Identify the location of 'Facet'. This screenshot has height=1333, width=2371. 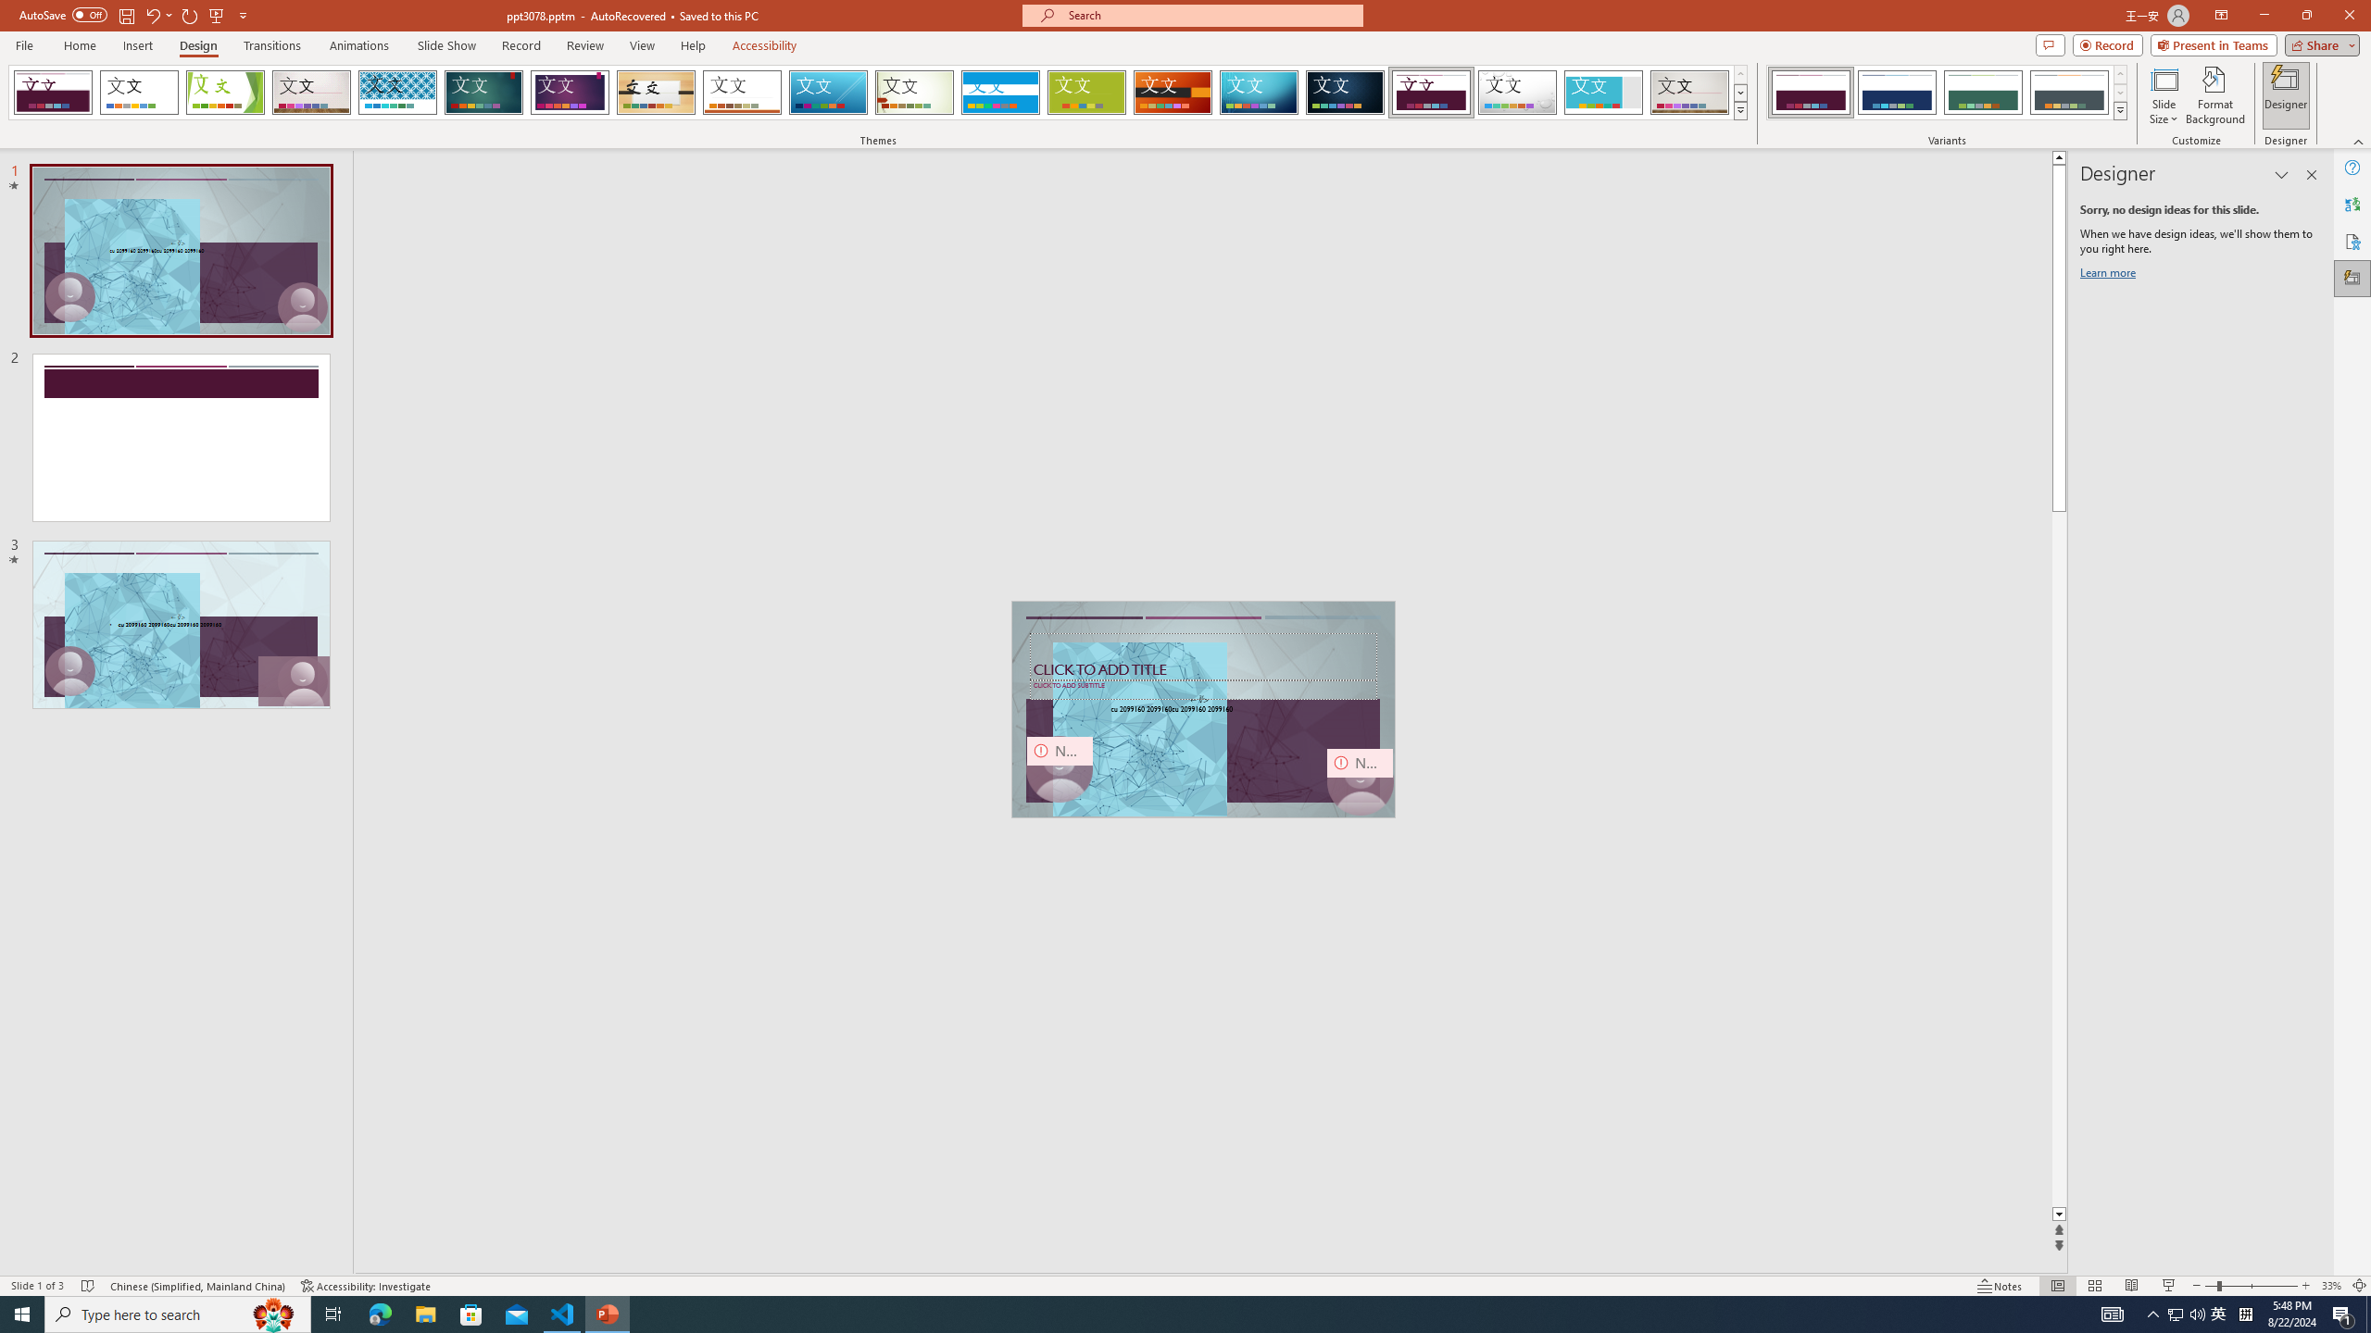
(224, 92).